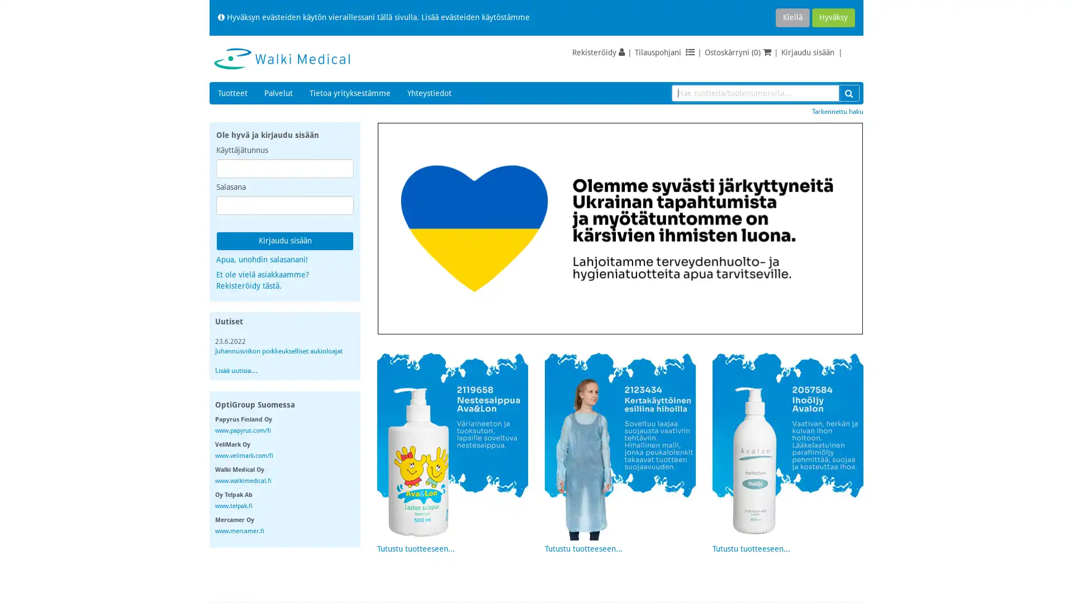 Image resolution: width=1073 pixels, height=603 pixels. Describe the element at coordinates (833, 17) in the screenshot. I see `Hyvaksy` at that location.